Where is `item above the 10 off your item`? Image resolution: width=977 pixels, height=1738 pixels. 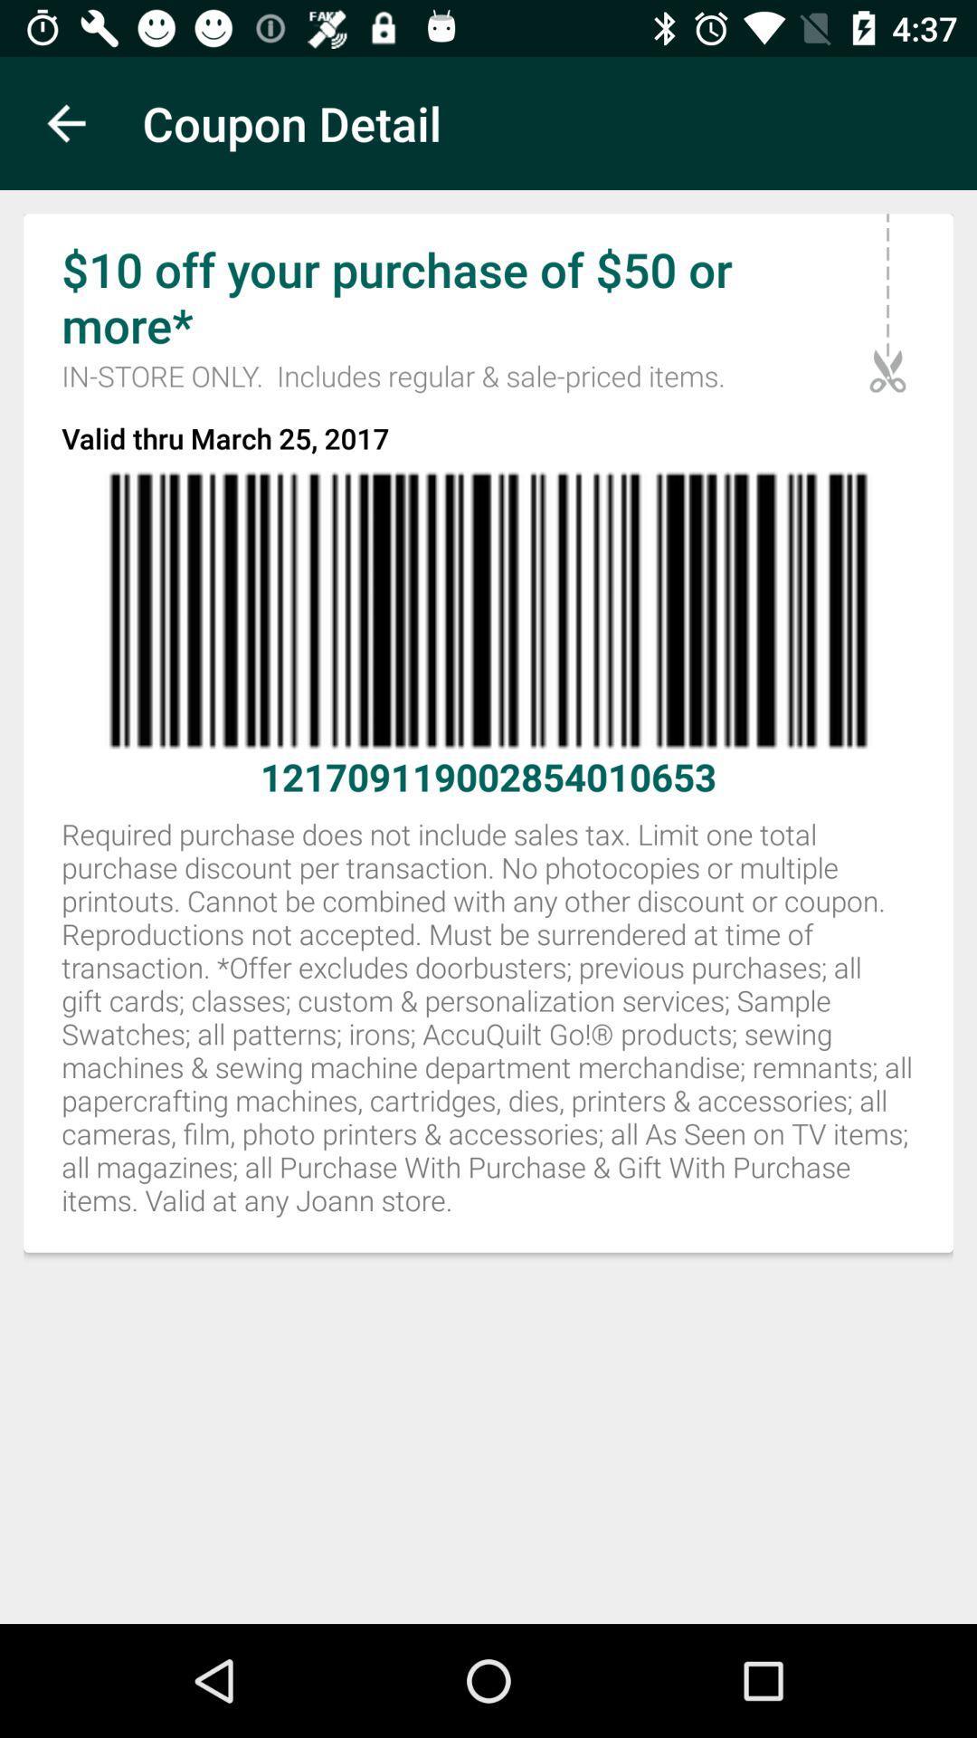 item above the 10 off your item is located at coordinates (65, 122).